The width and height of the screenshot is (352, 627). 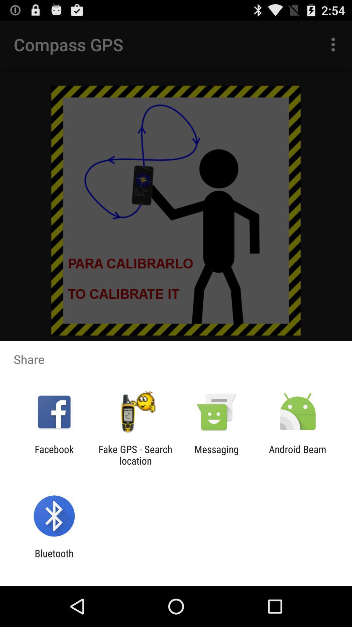 What do you see at coordinates (298, 455) in the screenshot?
I see `the android beam at the bottom right corner` at bounding box center [298, 455].